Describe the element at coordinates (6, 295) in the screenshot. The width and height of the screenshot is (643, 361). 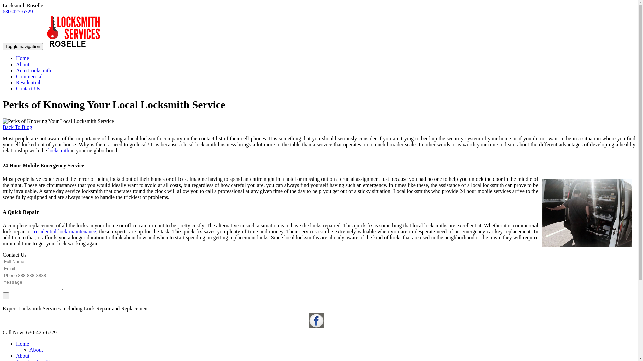
I see `' '` at that location.